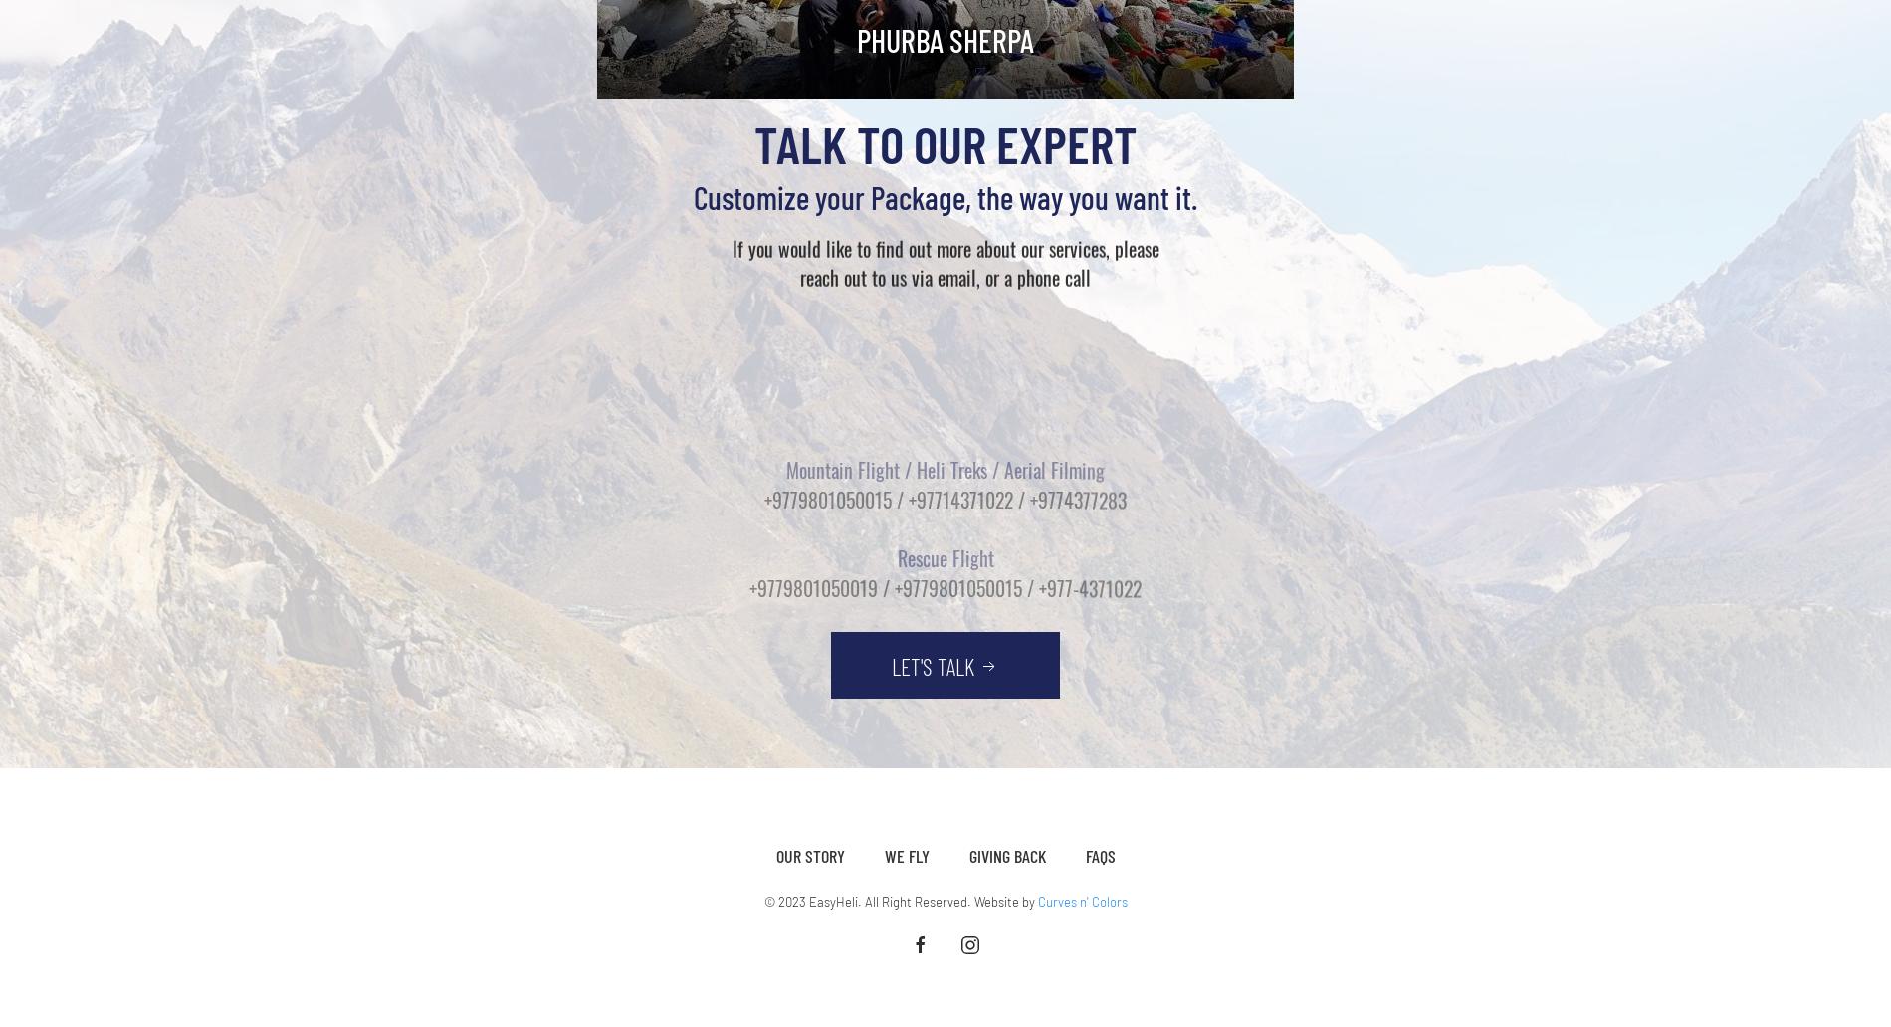 This screenshot has height=1027, width=1891. Describe the element at coordinates (920, 900) in the screenshot. I see `'EasyHeli. All Right Reserved. Website by'` at that location.